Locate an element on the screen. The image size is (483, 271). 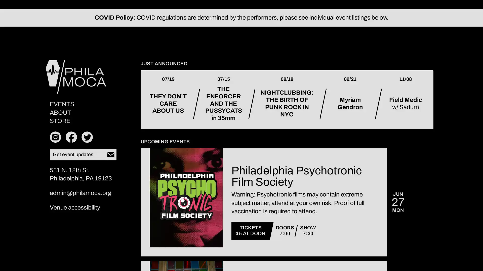
Subscribe to our newsletter is located at coordinates (110, 154).